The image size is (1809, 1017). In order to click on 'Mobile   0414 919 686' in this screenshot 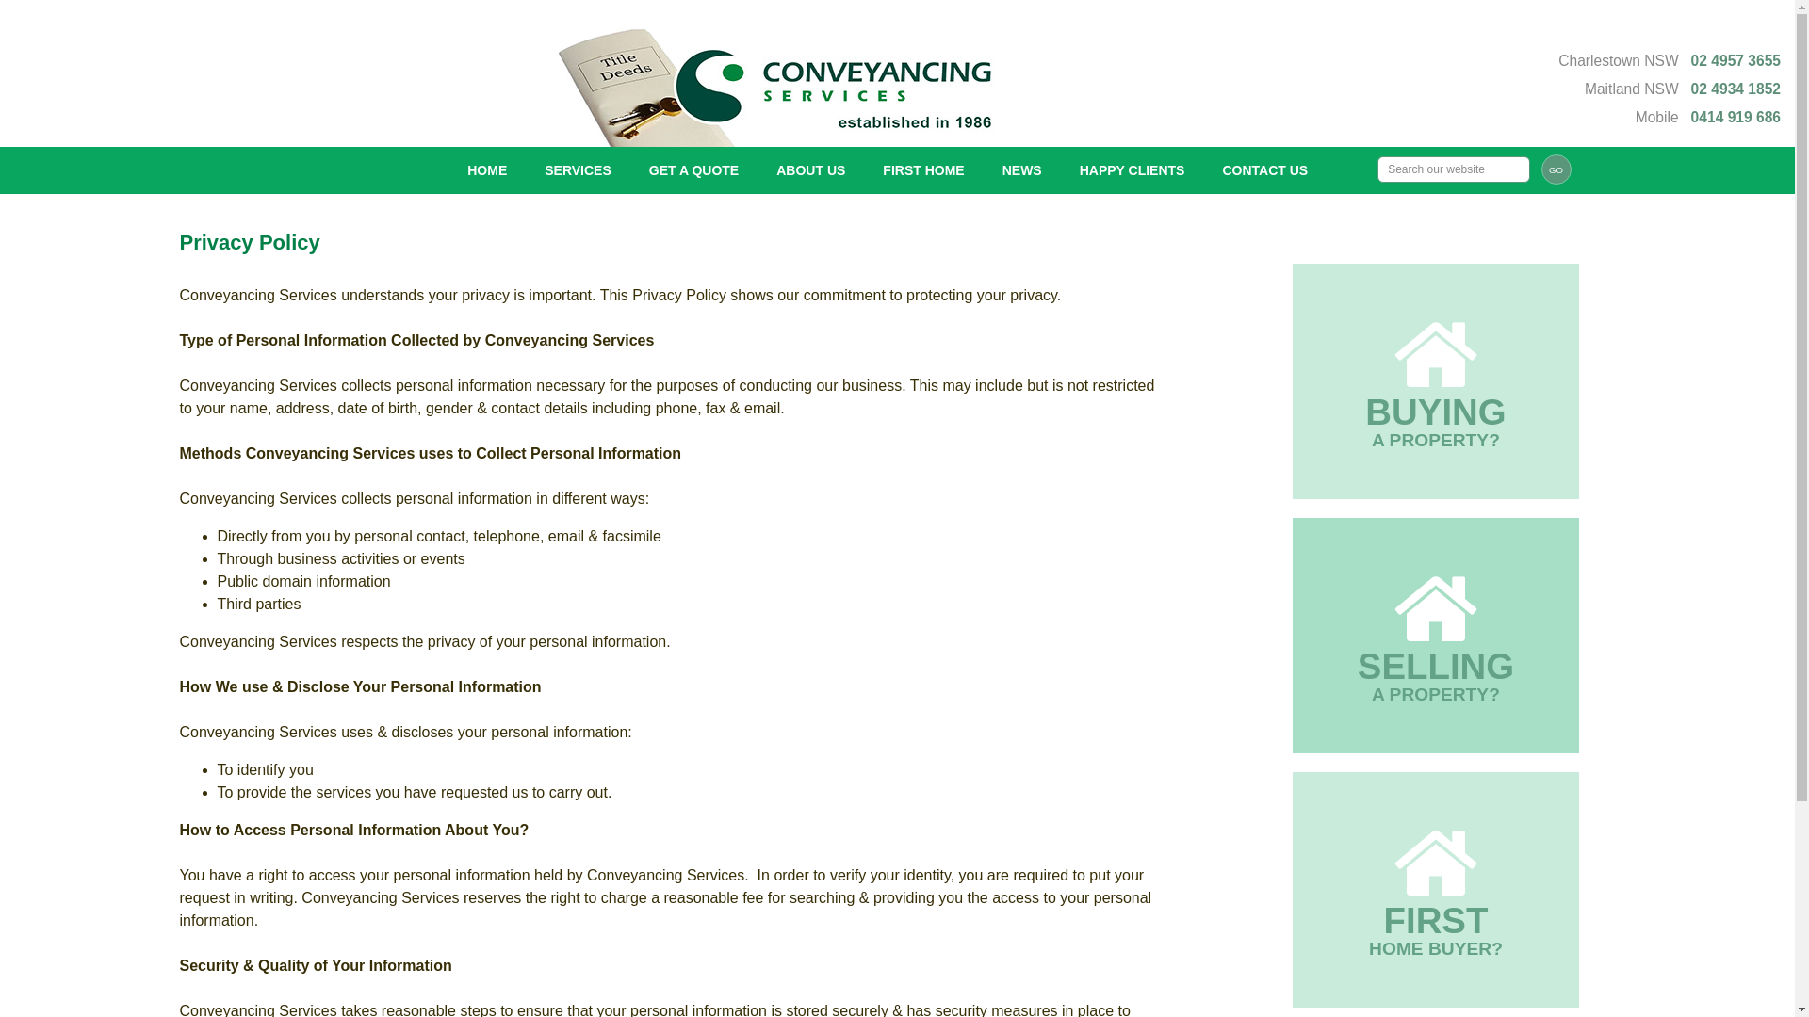, I will do `click(1708, 117)`.